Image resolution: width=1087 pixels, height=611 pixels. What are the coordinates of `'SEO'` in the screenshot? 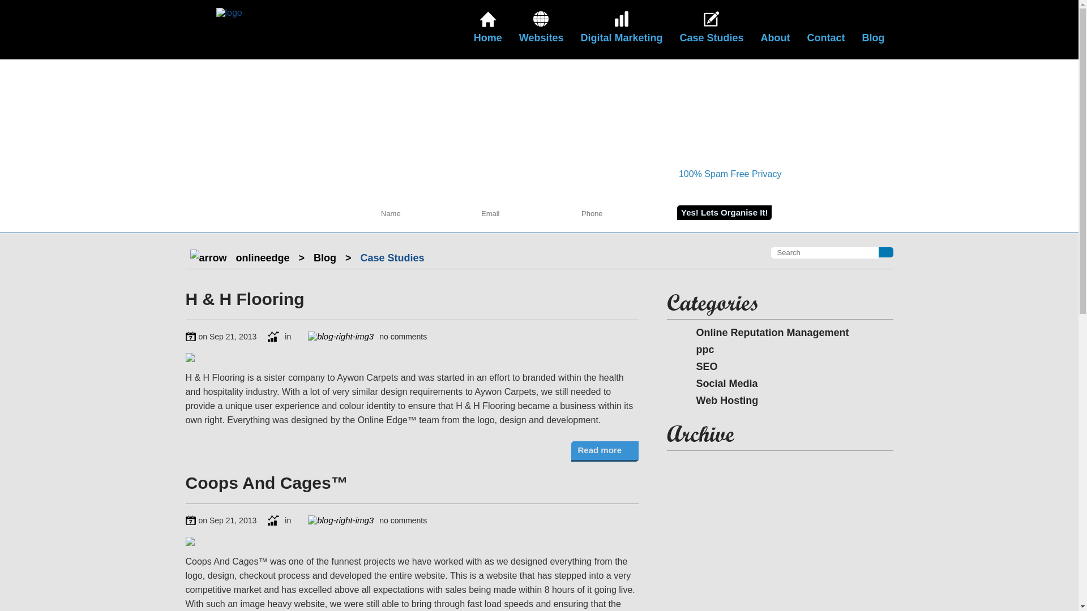 It's located at (697, 367).